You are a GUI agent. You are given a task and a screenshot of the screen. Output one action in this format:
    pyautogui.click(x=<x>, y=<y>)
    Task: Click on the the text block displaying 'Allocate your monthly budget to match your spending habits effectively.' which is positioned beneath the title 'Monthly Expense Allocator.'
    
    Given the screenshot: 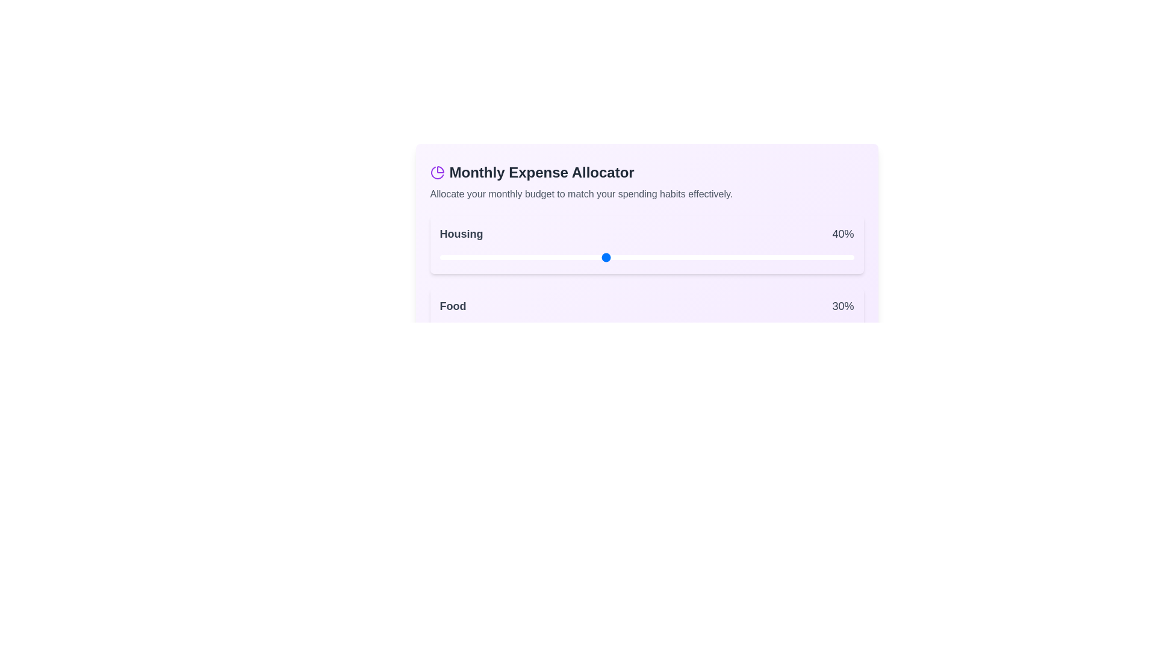 What is the action you would take?
    pyautogui.click(x=646, y=194)
    